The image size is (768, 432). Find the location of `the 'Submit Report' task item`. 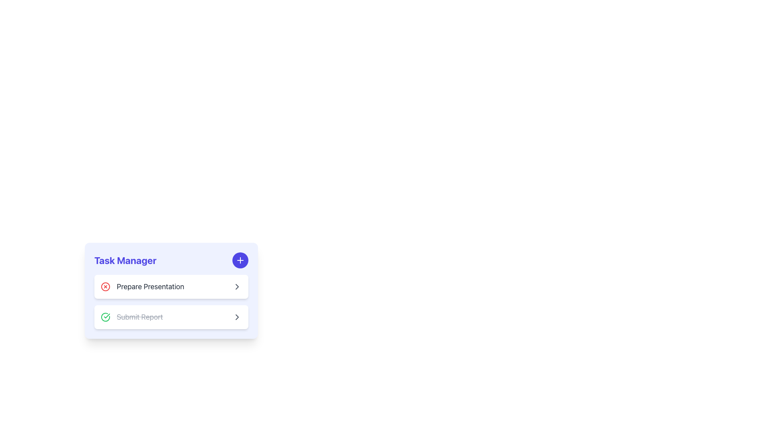

the 'Submit Report' task item is located at coordinates (171, 317).